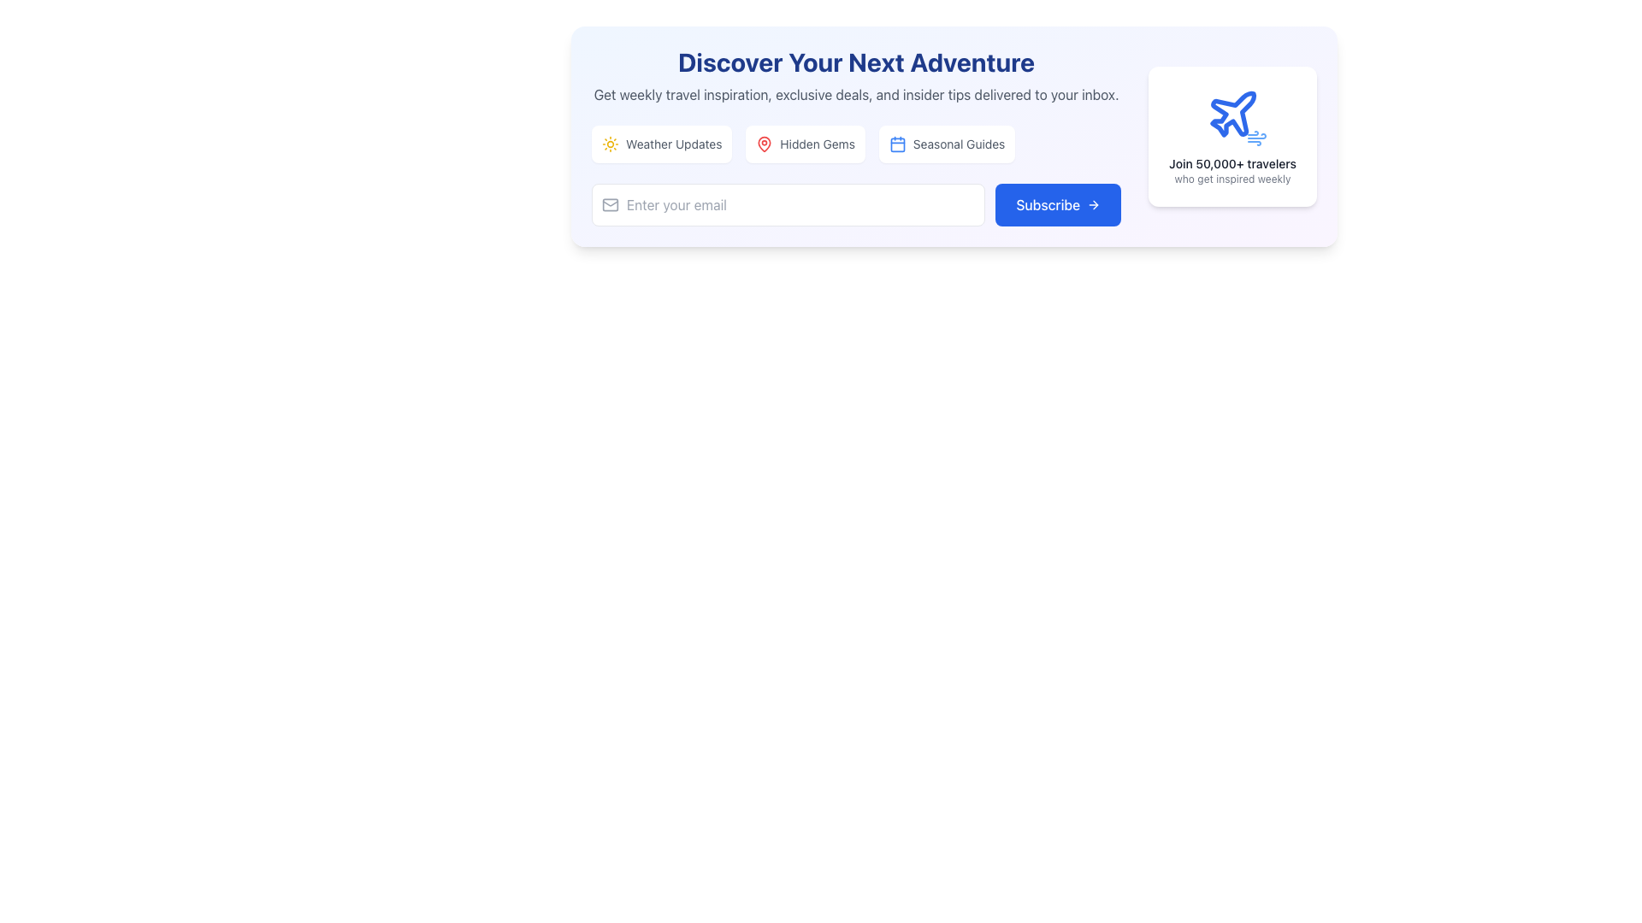 This screenshot has height=923, width=1642. Describe the element at coordinates (661, 144) in the screenshot. I see `the first button in the group that provides weather-related updates` at that location.